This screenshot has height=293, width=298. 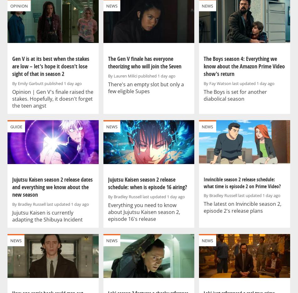 What do you see at coordinates (31, 83) in the screenshot?
I see `'Emily Garbutt'` at bounding box center [31, 83].